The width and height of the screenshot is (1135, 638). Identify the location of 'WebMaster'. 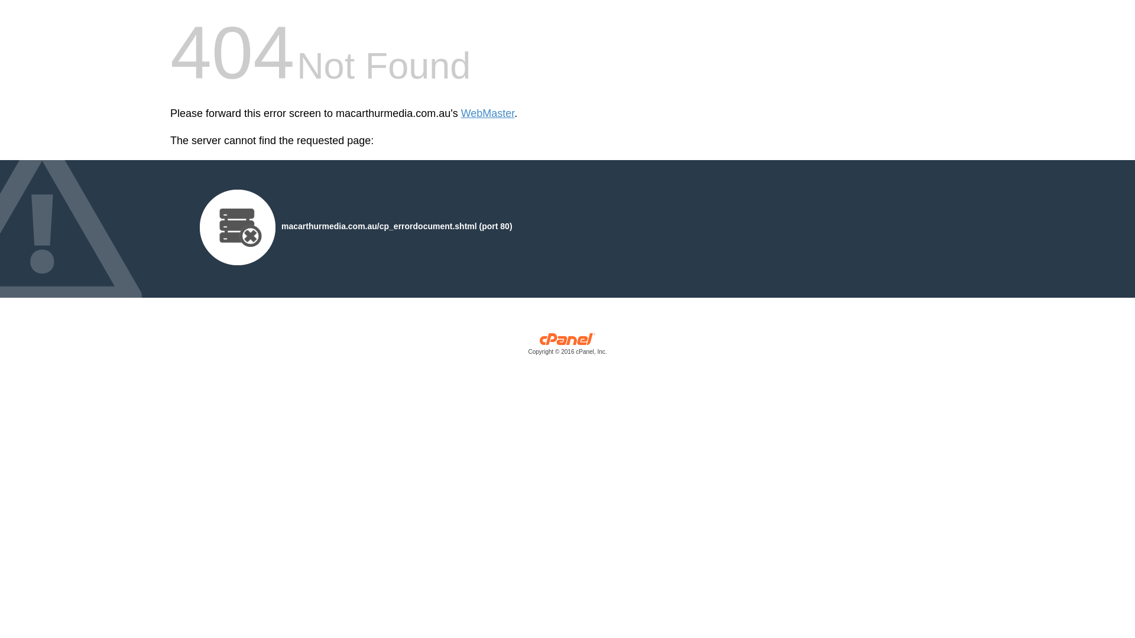
(488, 113).